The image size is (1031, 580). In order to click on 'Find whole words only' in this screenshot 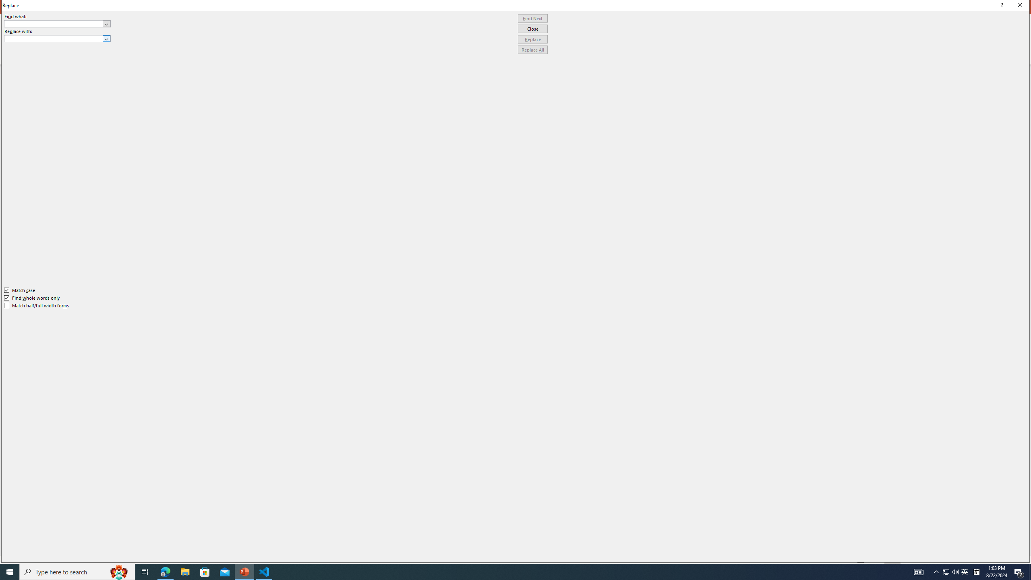, I will do `click(32, 298)`.